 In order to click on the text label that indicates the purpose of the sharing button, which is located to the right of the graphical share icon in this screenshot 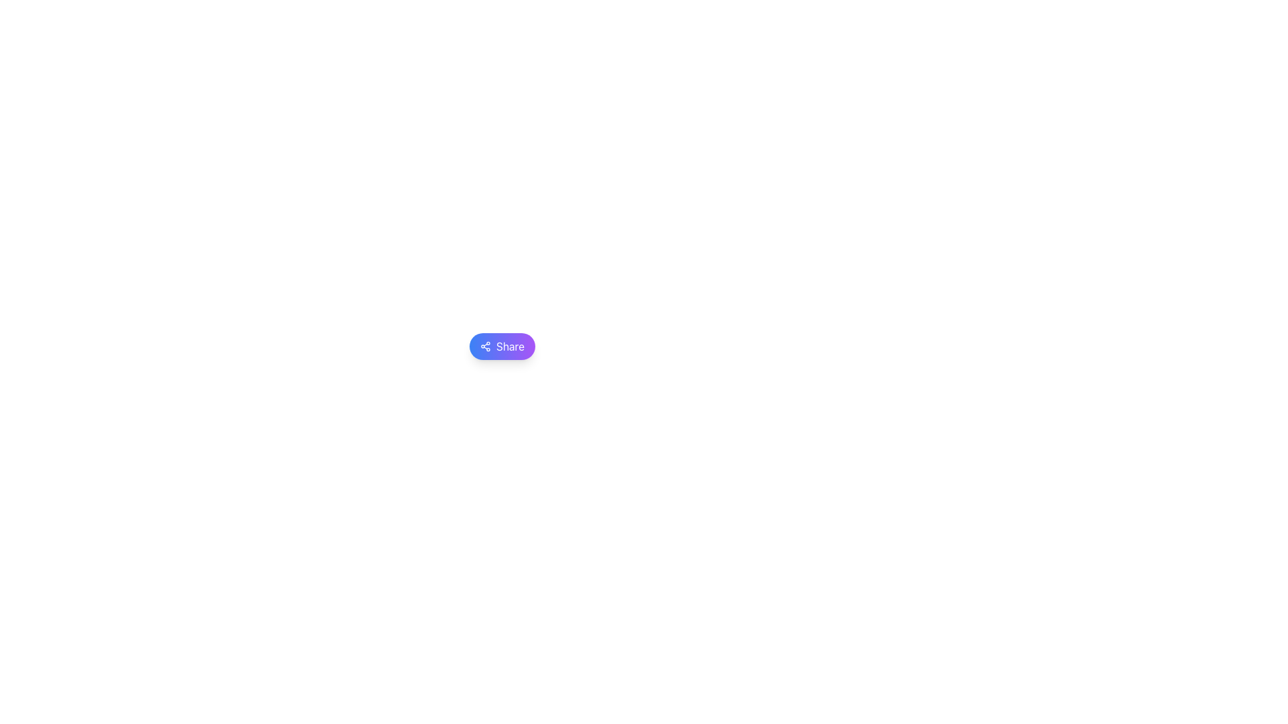, I will do `click(509, 345)`.